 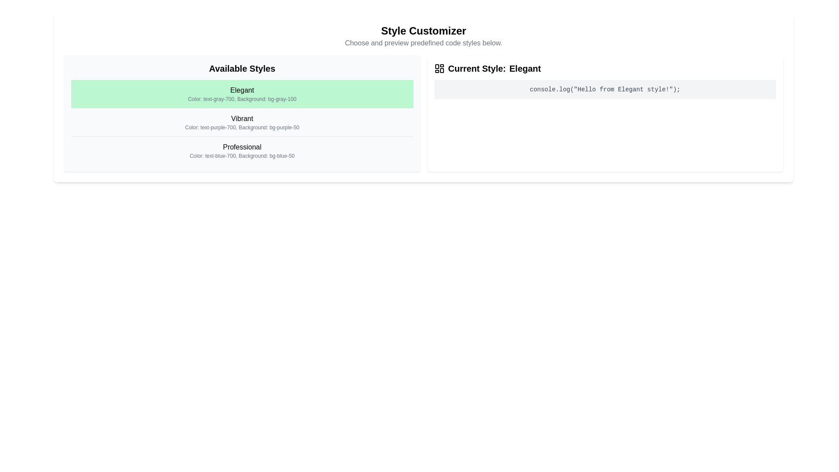 What do you see at coordinates (242, 150) in the screenshot?
I see `the 'Professional' style option, which is the last item in the vertical list of available styles` at bounding box center [242, 150].